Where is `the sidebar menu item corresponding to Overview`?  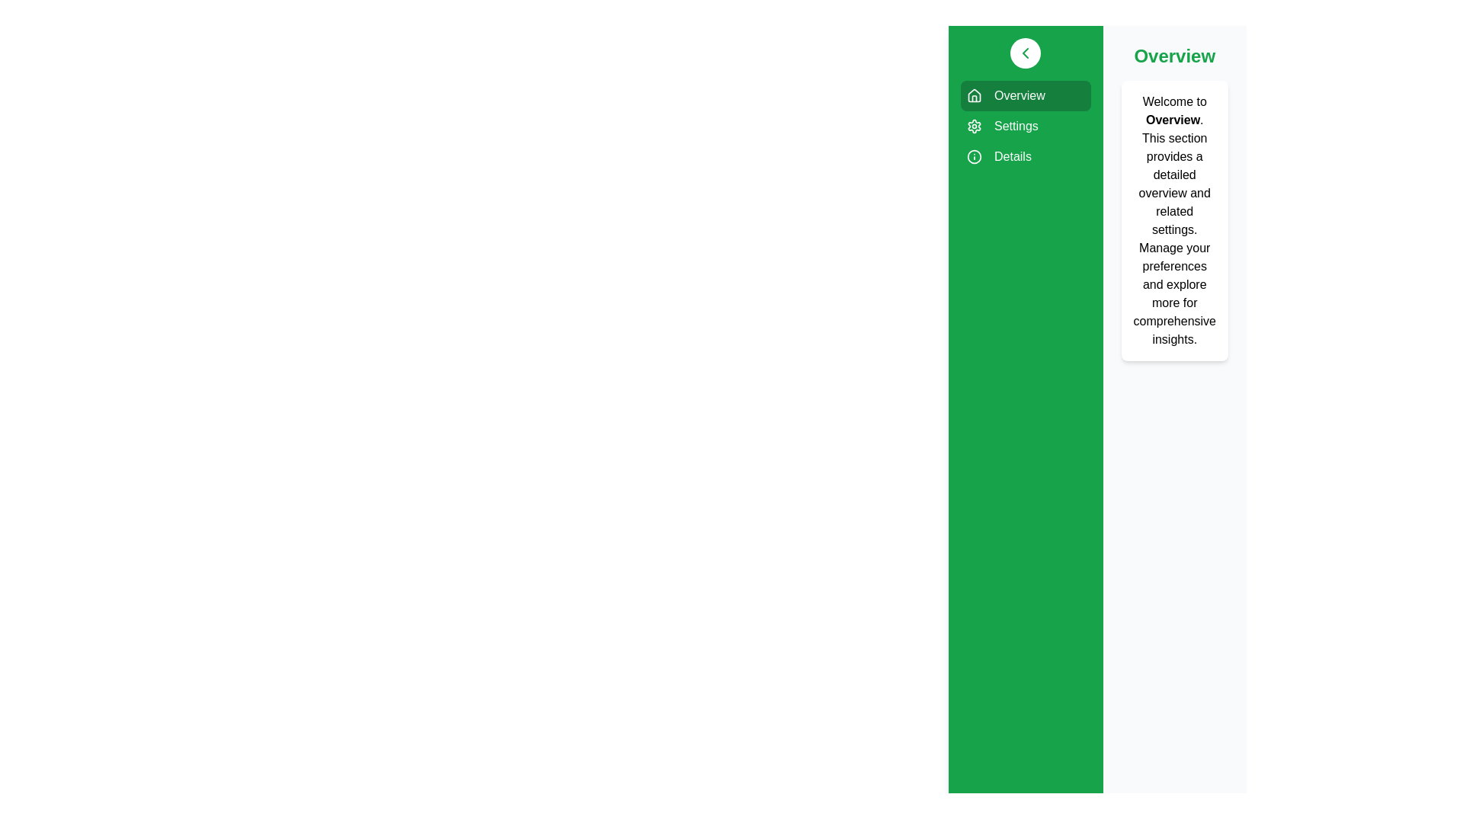 the sidebar menu item corresponding to Overview is located at coordinates (1026, 96).